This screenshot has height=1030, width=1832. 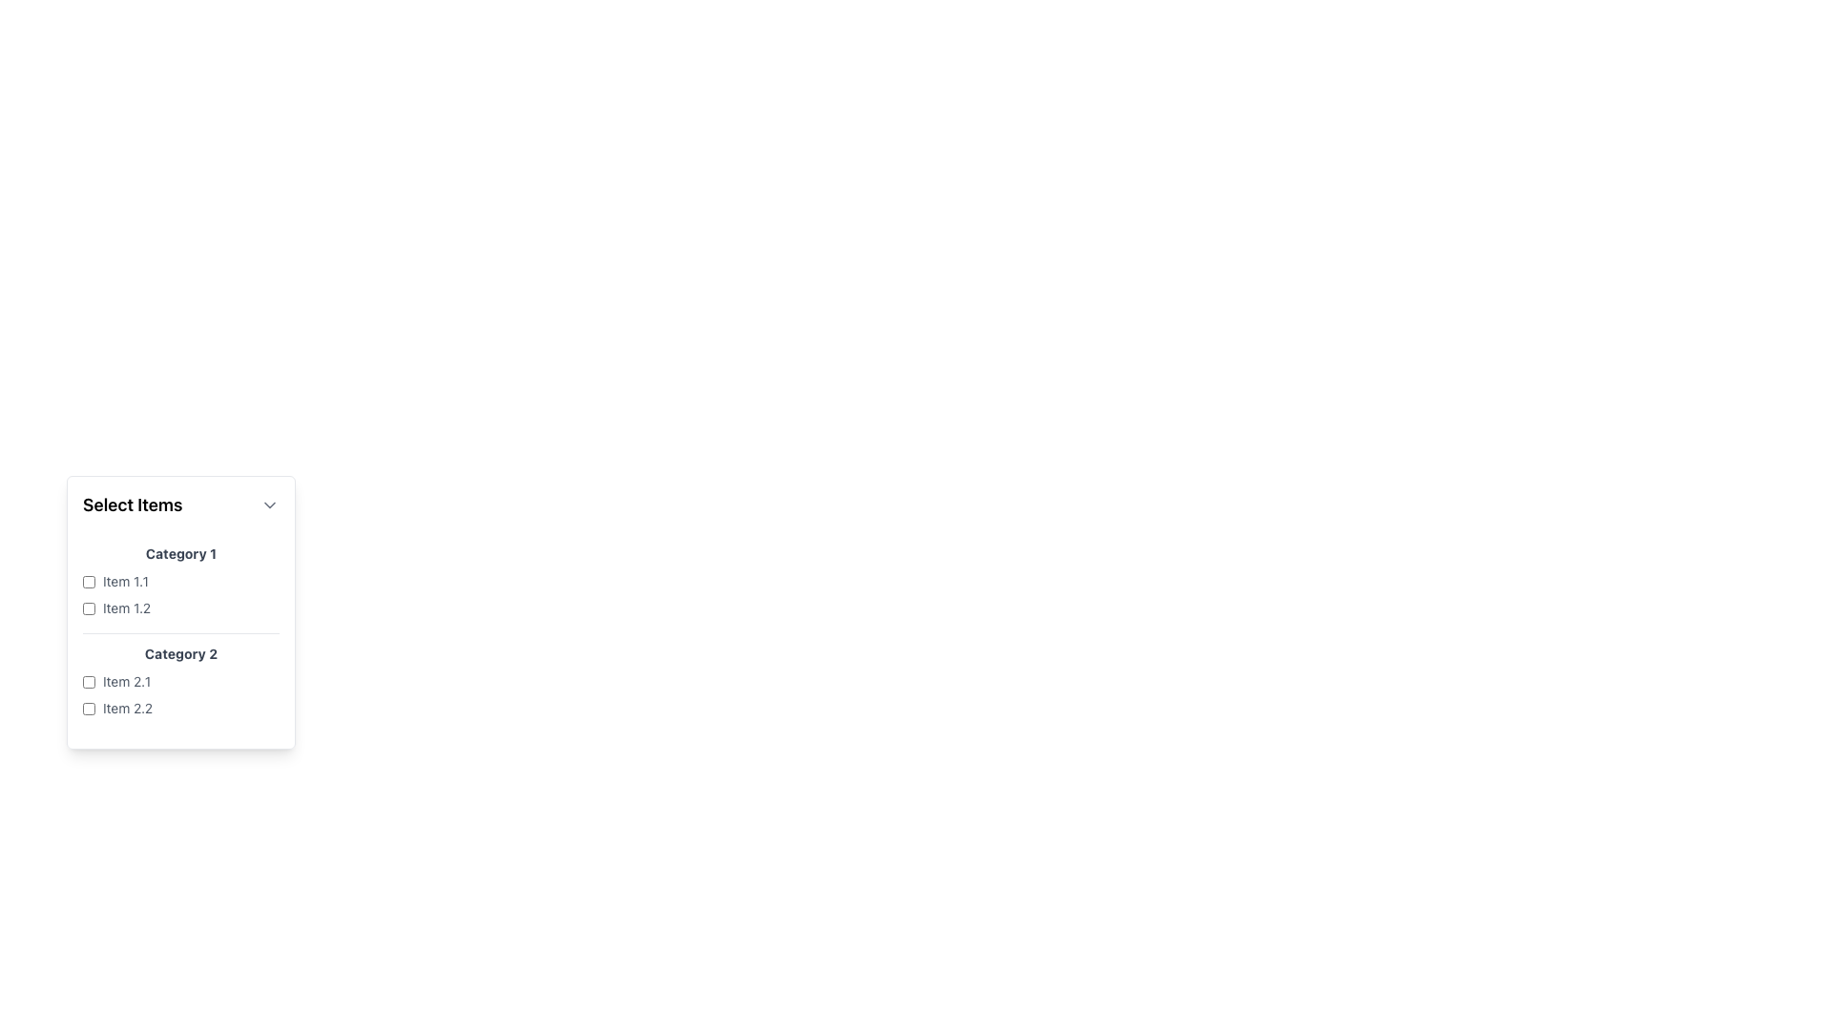 What do you see at coordinates (269, 504) in the screenshot?
I see `the toggle button icon located to the right of the 'Select Items' label in the header section of the card` at bounding box center [269, 504].